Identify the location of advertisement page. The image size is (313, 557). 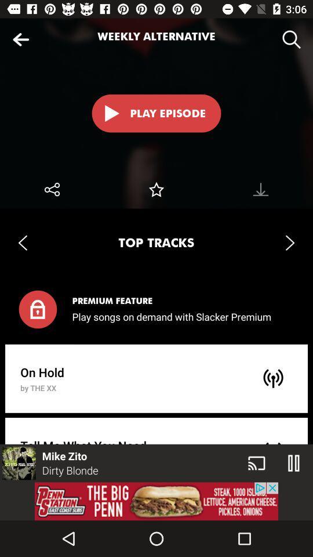
(156, 501).